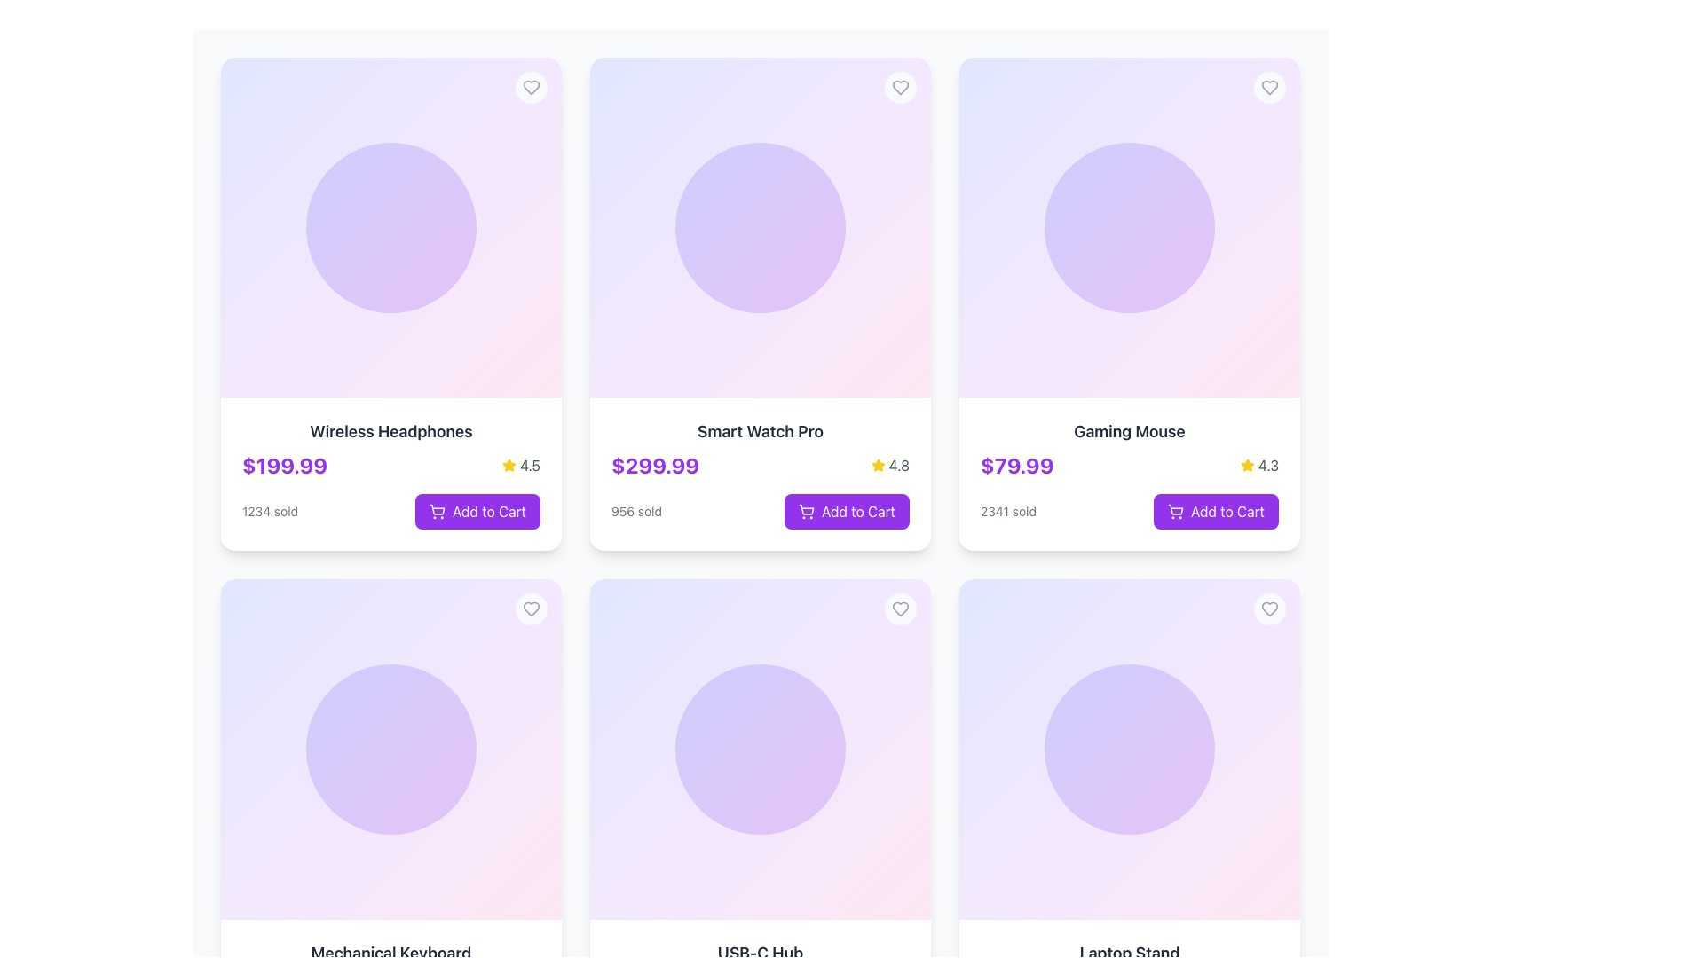 This screenshot has height=958, width=1704. What do you see at coordinates (1215, 512) in the screenshot?
I see `the 'Add to Cart' button, which is a rectangular button with a purple background and white text, located at the bottom of the third card in the grid associated with the product 'Gaming Mouse'` at bounding box center [1215, 512].